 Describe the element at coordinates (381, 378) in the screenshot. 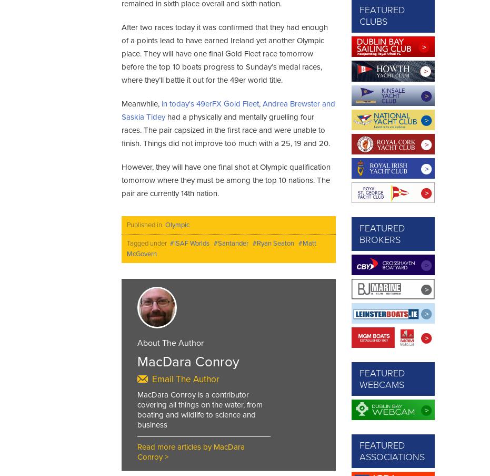

I see `'Featured Webcams'` at that location.